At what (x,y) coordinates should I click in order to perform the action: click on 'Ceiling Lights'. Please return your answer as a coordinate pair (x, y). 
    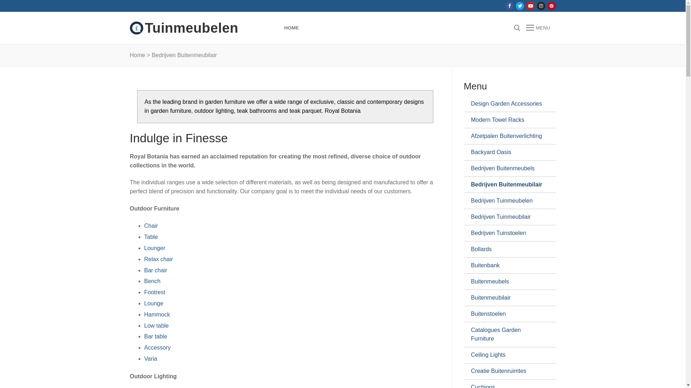
    Looking at the image, I should click on (506, 355).